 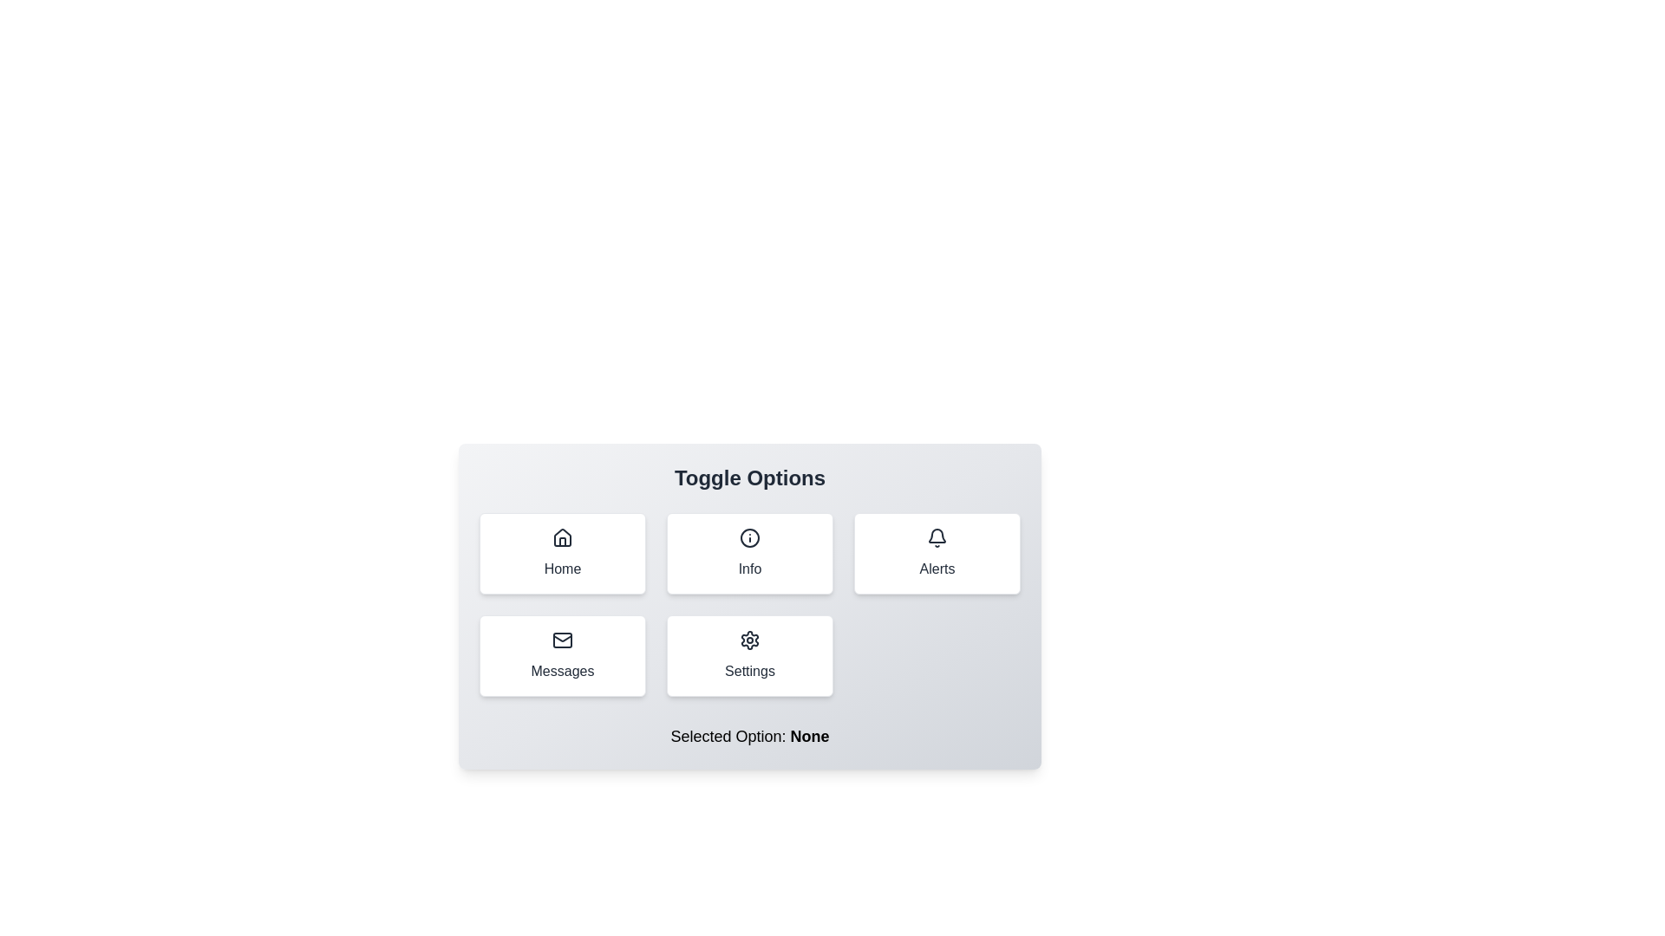 What do you see at coordinates (562, 554) in the screenshot?
I see `the 'Home' button, which is a rectangular button with rounded corners, a white background, and an icon of a house above the text 'Home' in dark gray color` at bounding box center [562, 554].